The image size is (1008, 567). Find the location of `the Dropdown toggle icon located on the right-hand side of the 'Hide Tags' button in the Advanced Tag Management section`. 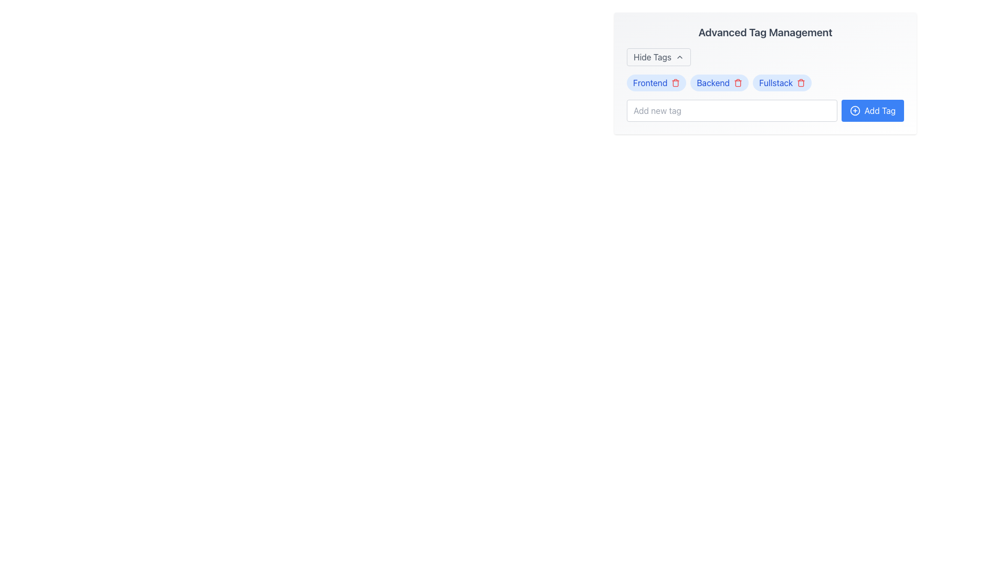

the Dropdown toggle icon located on the right-hand side of the 'Hide Tags' button in the Advanced Tag Management section is located at coordinates (679, 57).